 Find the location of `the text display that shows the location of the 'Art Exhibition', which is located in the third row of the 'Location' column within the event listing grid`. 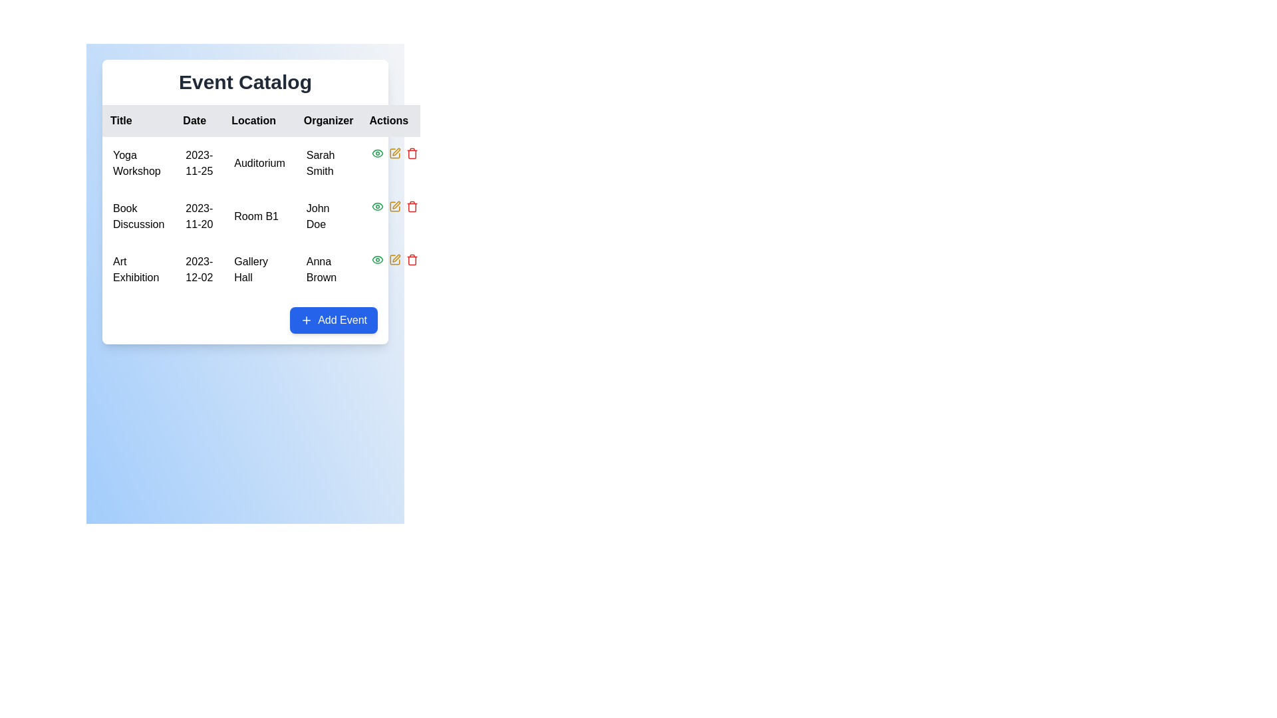

the text display that shows the location of the 'Art Exhibition', which is located in the third row of the 'Location' column within the event listing grid is located at coordinates (259, 269).